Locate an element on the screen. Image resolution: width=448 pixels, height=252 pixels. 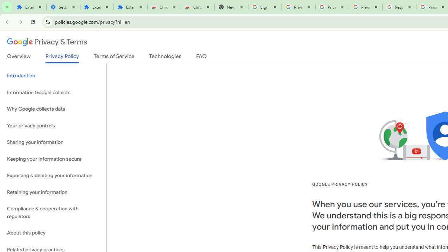
'Extensions' is located at coordinates (97, 7).